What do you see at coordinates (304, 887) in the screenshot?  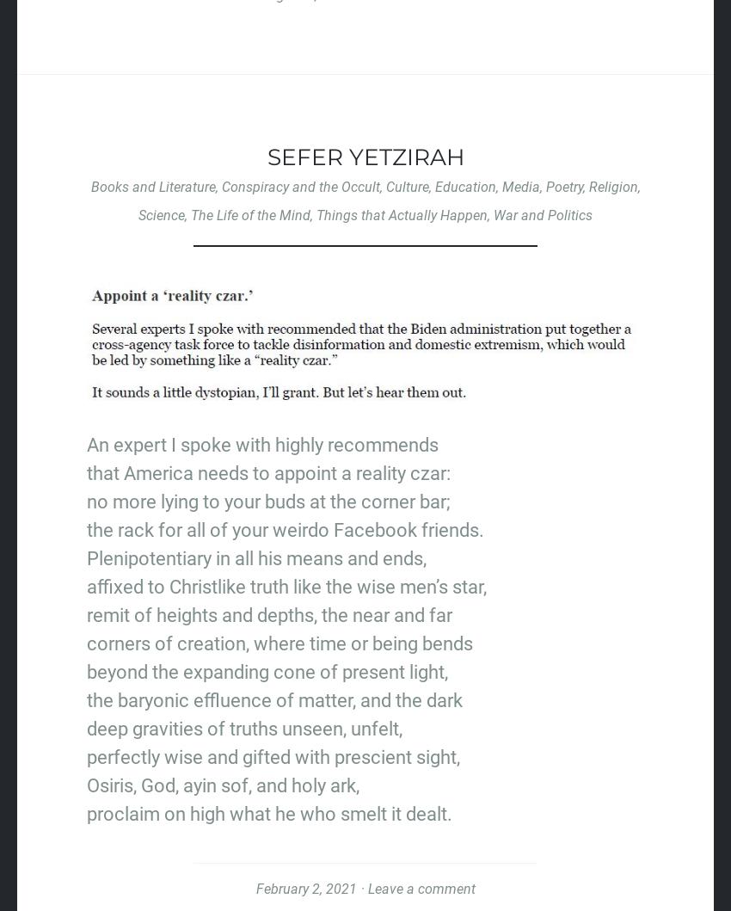 I see `'February 2, 2021'` at bounding box center [304, 887].